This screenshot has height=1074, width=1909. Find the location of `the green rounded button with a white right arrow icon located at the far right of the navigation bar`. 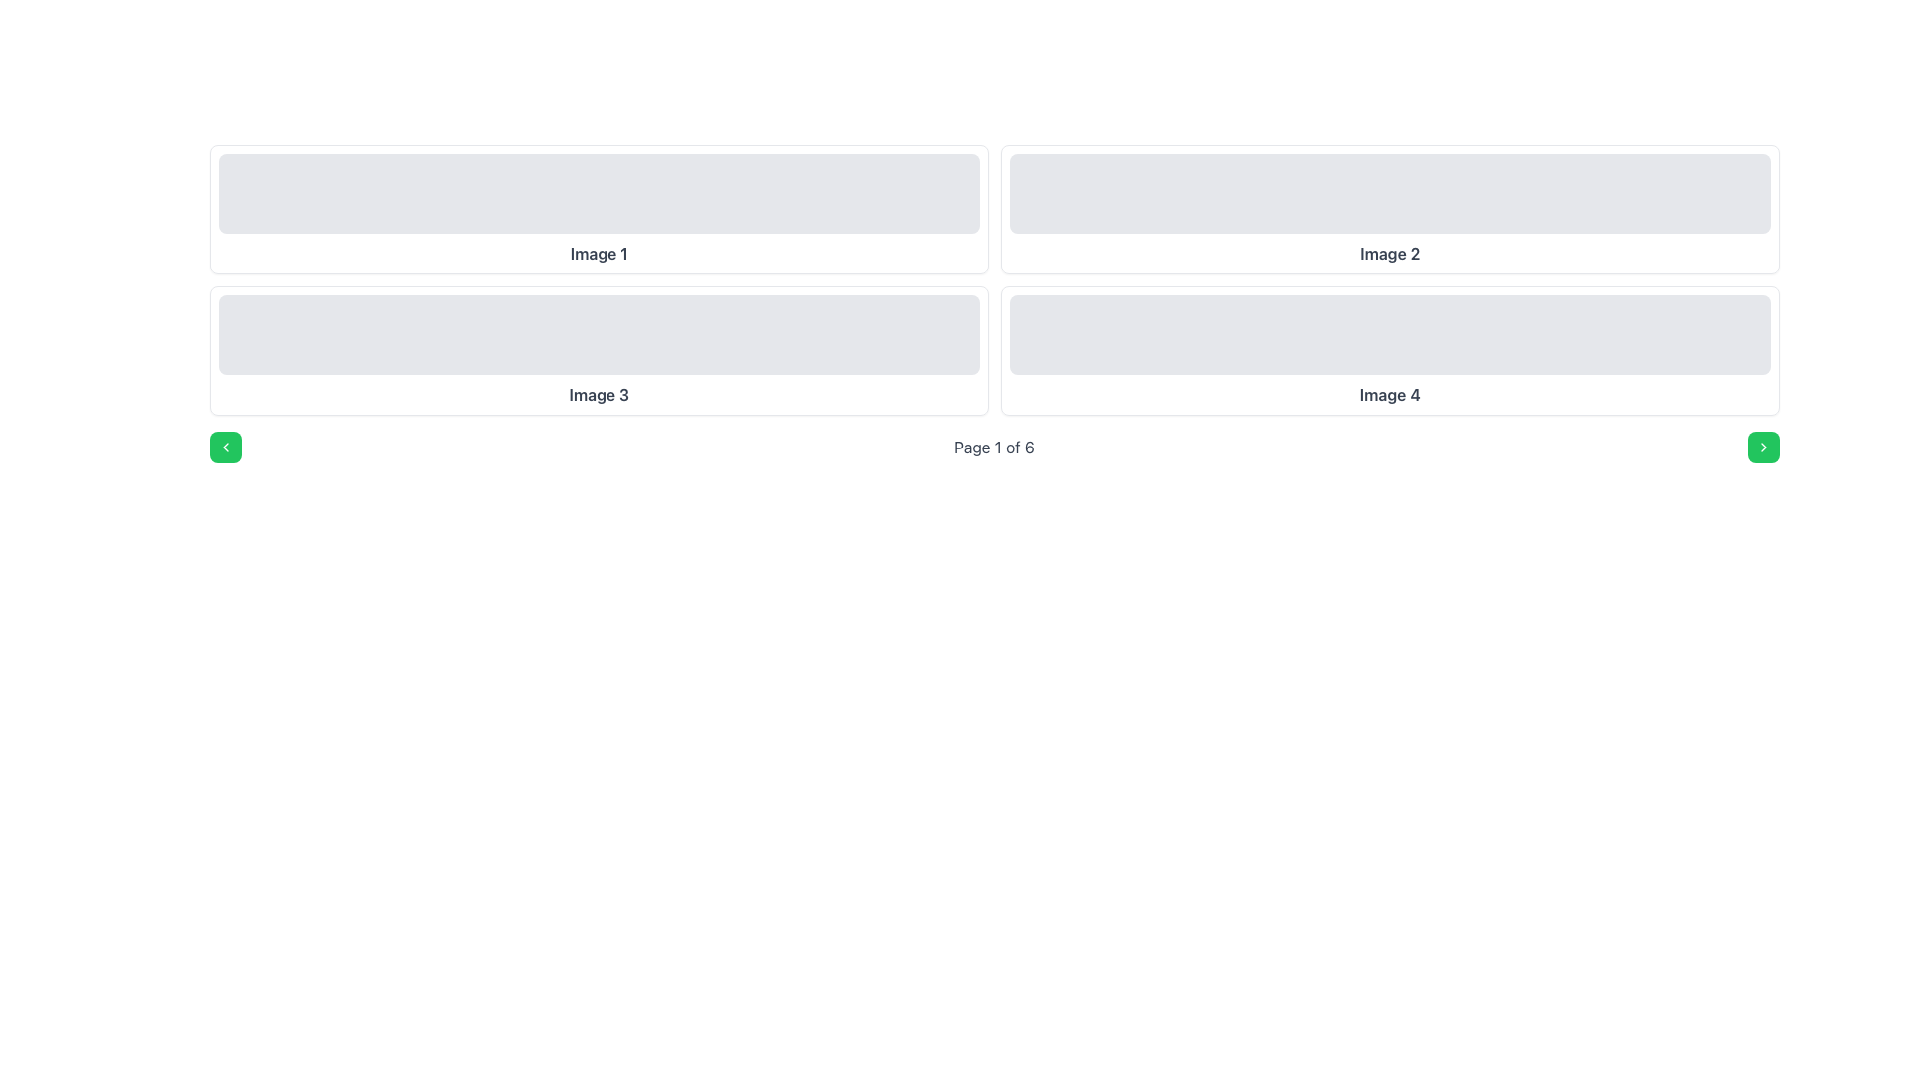

the green rounded button with a white right arrow icon located at the far right of the navigation bar is located at coordinates (1764, 447).